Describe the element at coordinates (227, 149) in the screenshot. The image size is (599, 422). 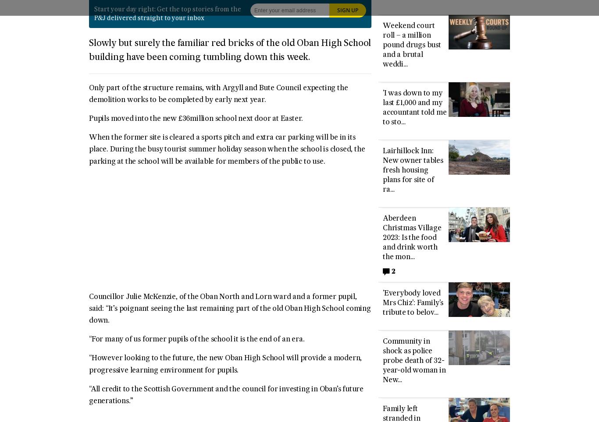
I see `'When the former site is cleared a sports pitch and extra car parking will be in its place. During the busy tourist summer holiday season when the school is closed, the parking at the school will be available for members of the public to use.'` at that location.